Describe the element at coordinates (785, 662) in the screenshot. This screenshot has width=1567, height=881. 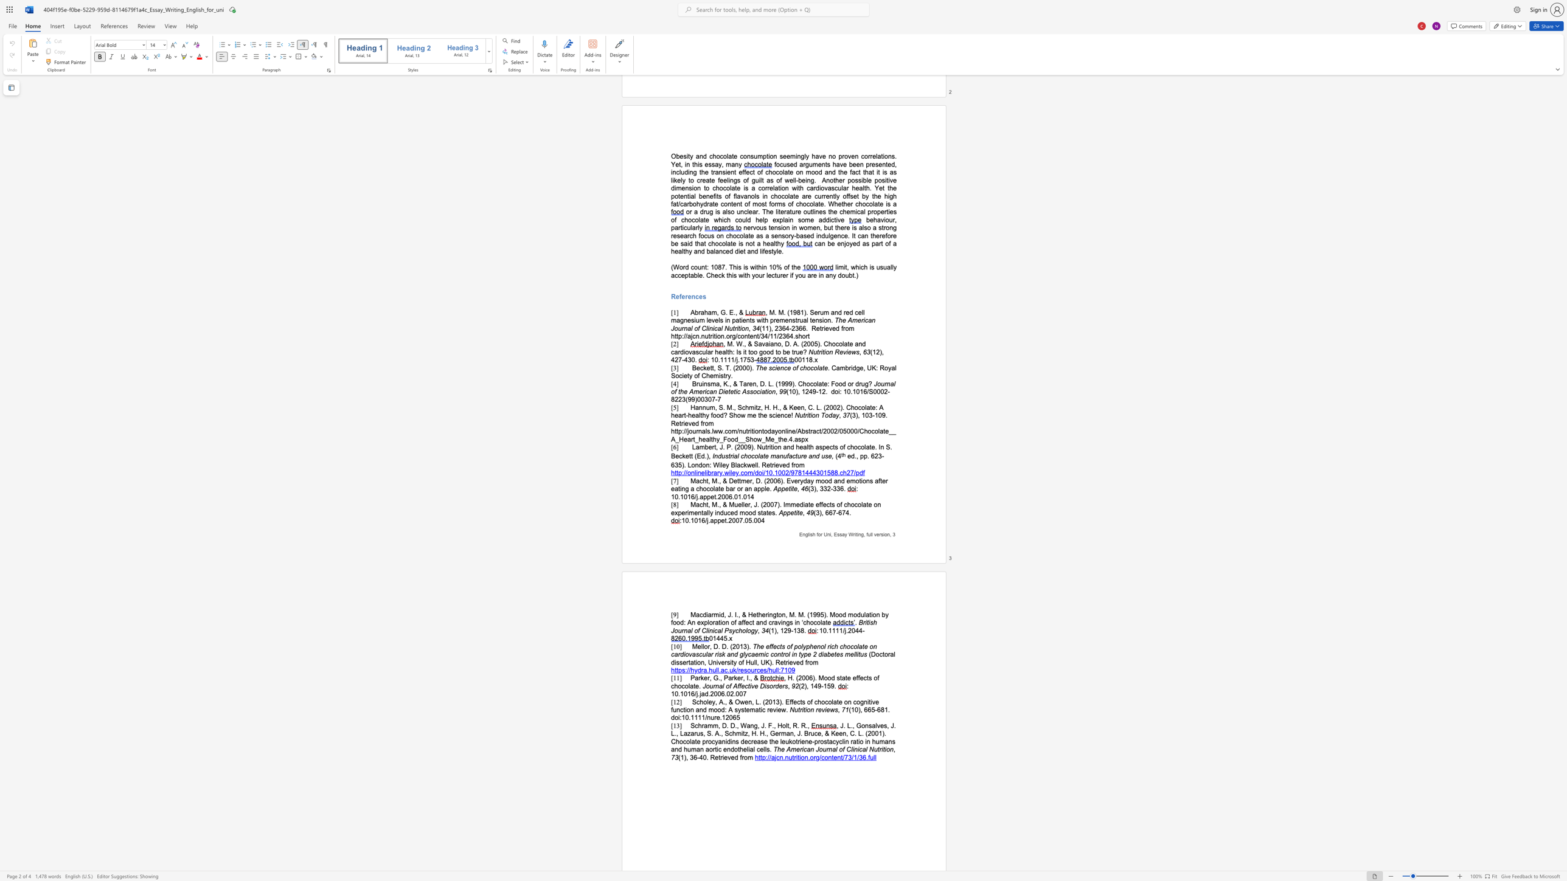
I see `the subset text "rieved fro" within the text "(Doctoral dissertation, University of Hull, UK). Retrieved from"` at that location.